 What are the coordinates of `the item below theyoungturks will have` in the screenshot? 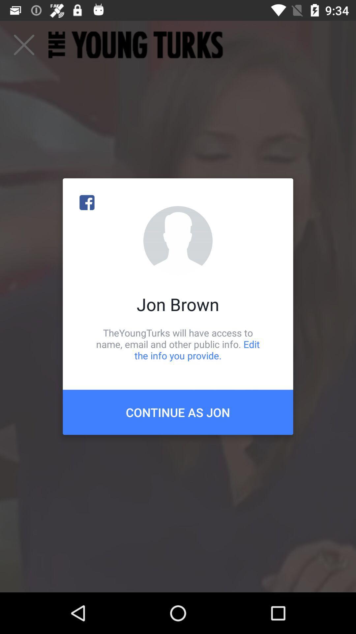 It's located at (178, 412).